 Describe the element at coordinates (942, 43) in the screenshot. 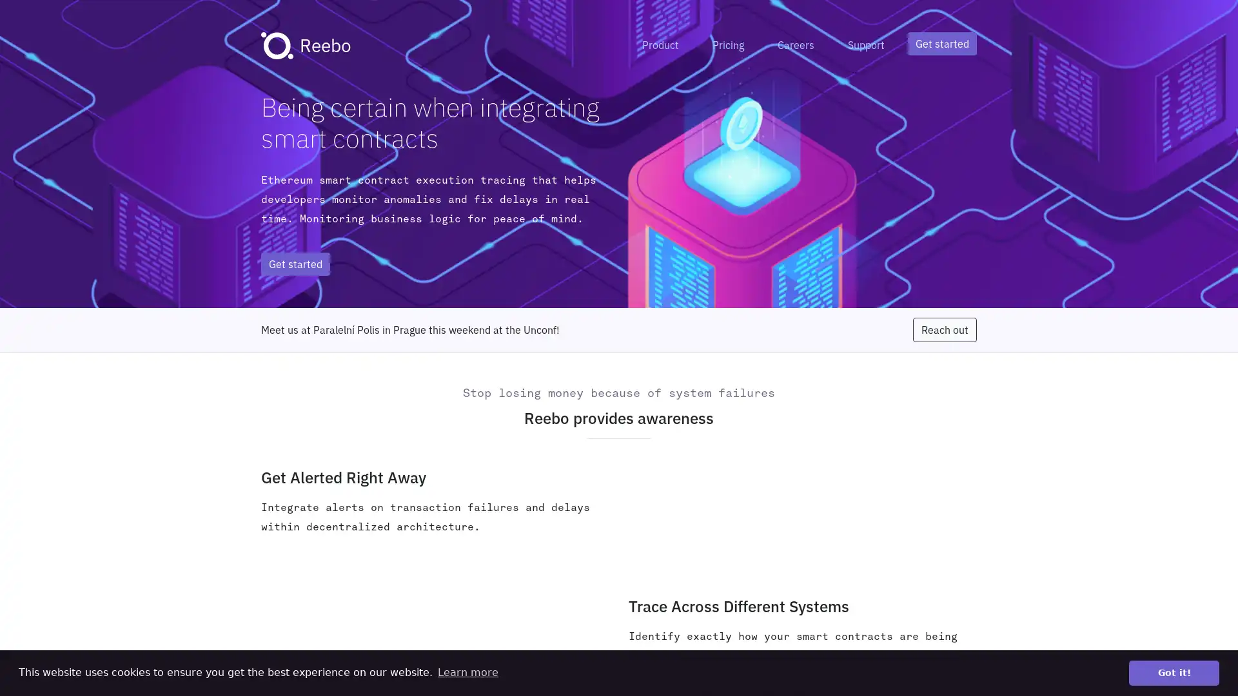

I see `Get started` at that location.